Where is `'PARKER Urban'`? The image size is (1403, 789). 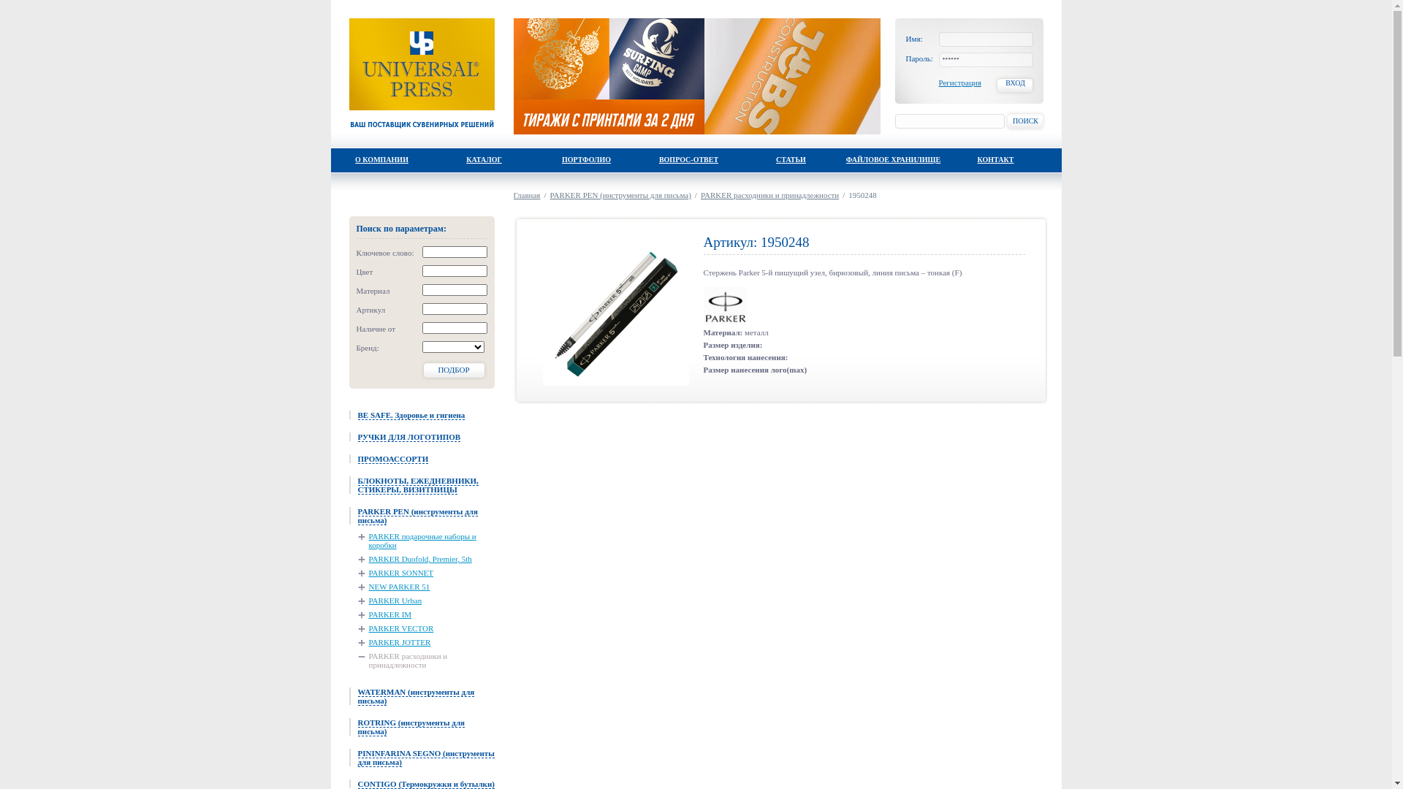
'PARKER Urban' is located at coordinates (389, 600).